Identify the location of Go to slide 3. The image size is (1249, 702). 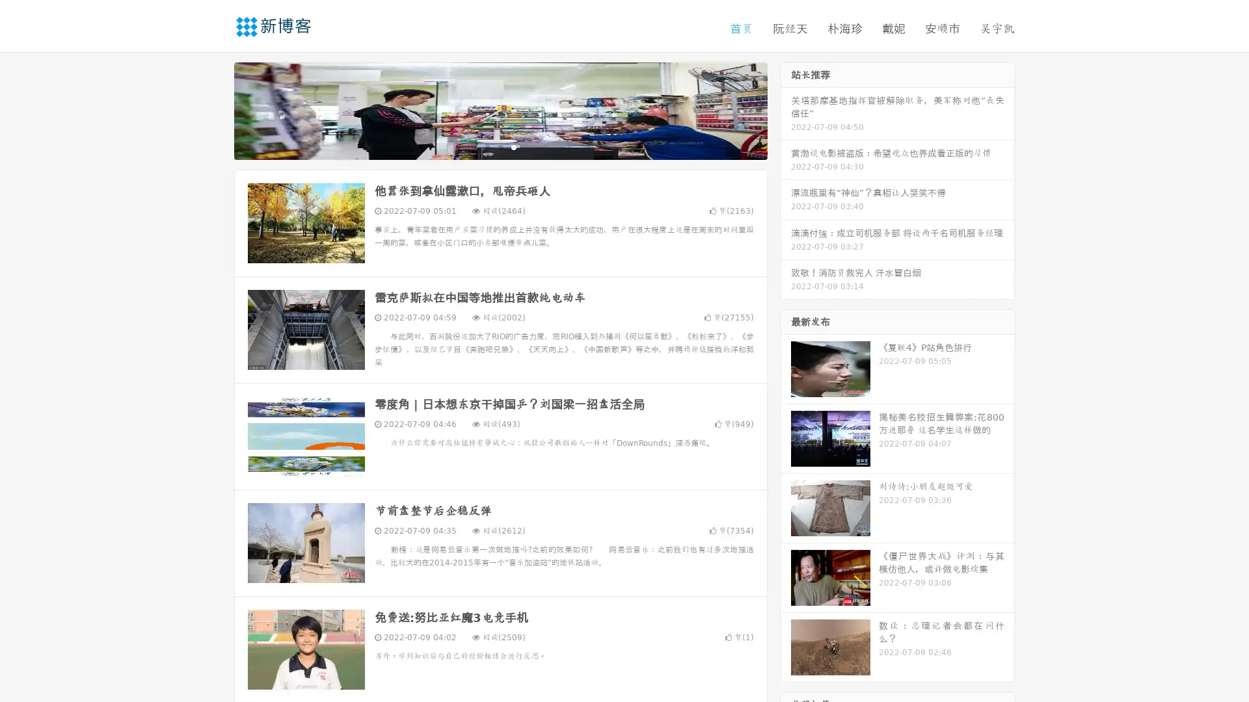
(513, 146).